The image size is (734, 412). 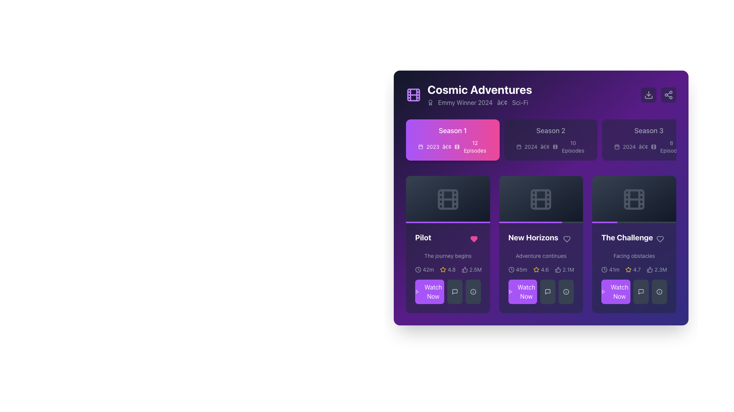 What do you see at coordinates (522, 291) in the screenshot?
I see `the rectangular purple button labeled 'Watch Now' located in the lower left corner of the 'New Horizons' episode card in the 'Cosmic Adventures' series` at bounding box center [522, 291].